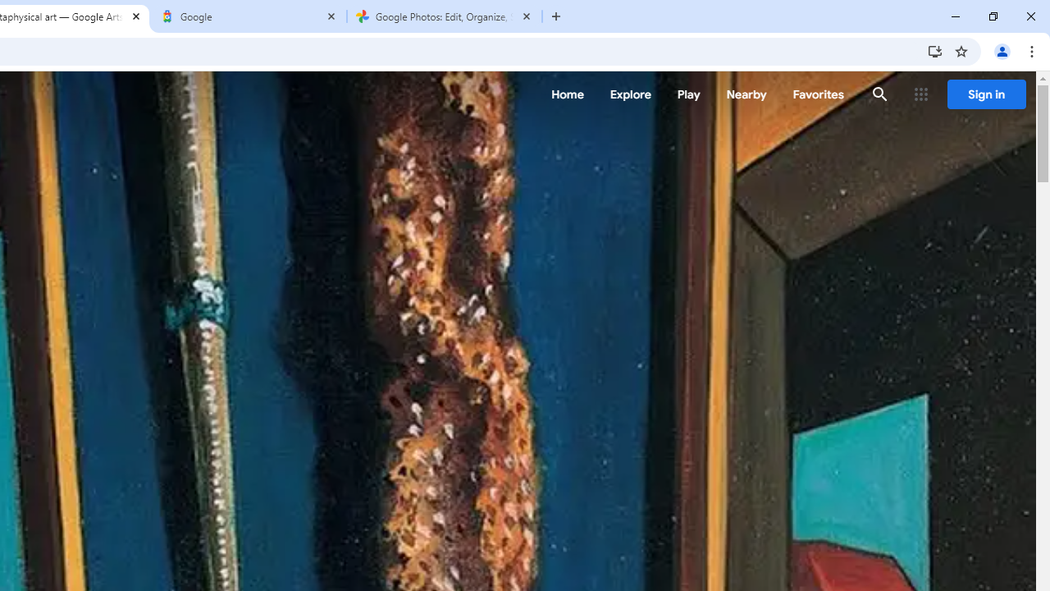  I want to click on 'Play', so click(689, 94).